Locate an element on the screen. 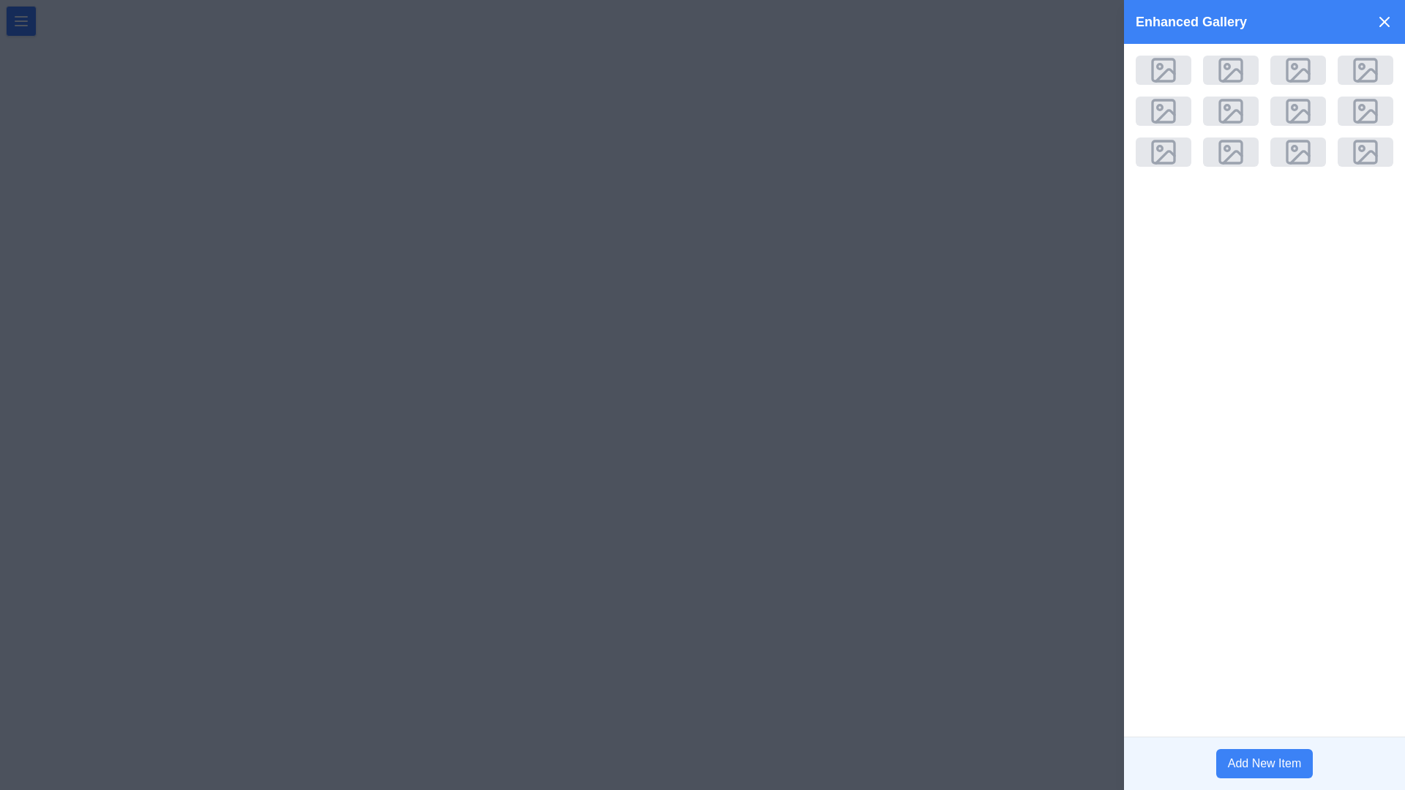 This screenshot has width=1405, height=790. the gray photo icon with rounded edges is located at coordinates (1229, 70).